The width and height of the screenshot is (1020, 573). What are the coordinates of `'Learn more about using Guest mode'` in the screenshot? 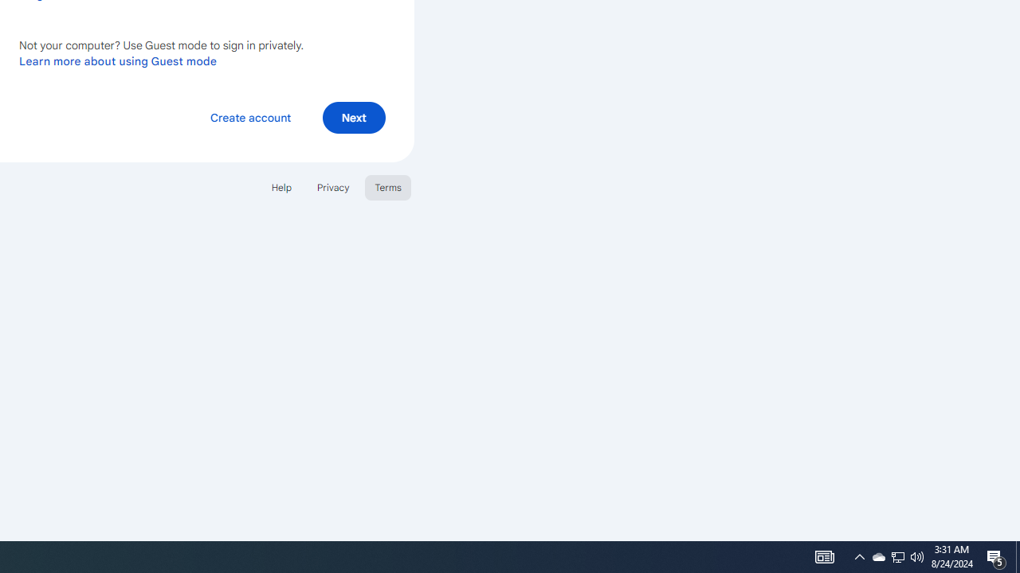 It's located at (117, 60).